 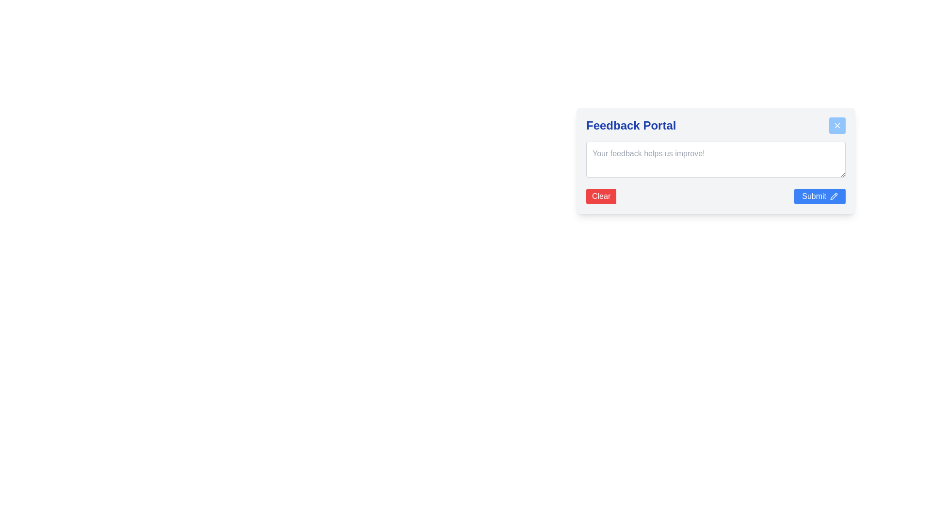 What do you see at coordinates (837, 125) in the screenshot?
I see `the close button located in the top-right corner of the 'Feedback Portal' section` at bounding box center [837, 125].